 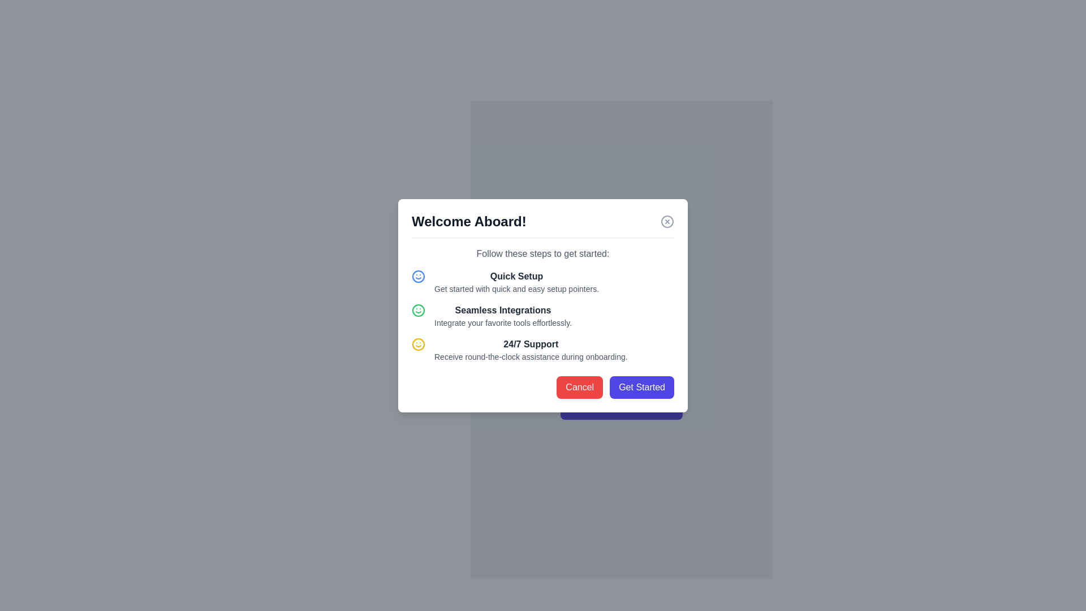 I want to click on the button located in the bottom-right corner of the modal window, positioned to the right of the 'Cancel' button, for keyboard navigation, so click(x=642, y=386).